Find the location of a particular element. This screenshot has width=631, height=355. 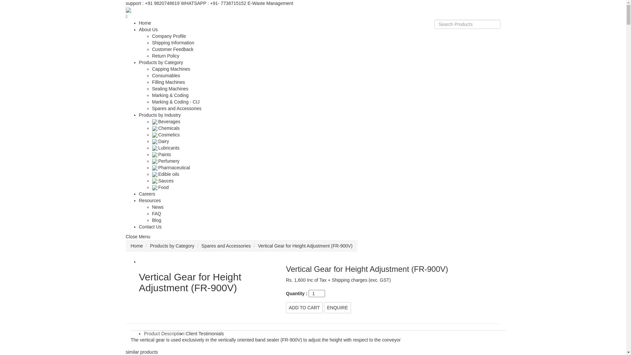

'Paints' is located at coordinates (161, 154).